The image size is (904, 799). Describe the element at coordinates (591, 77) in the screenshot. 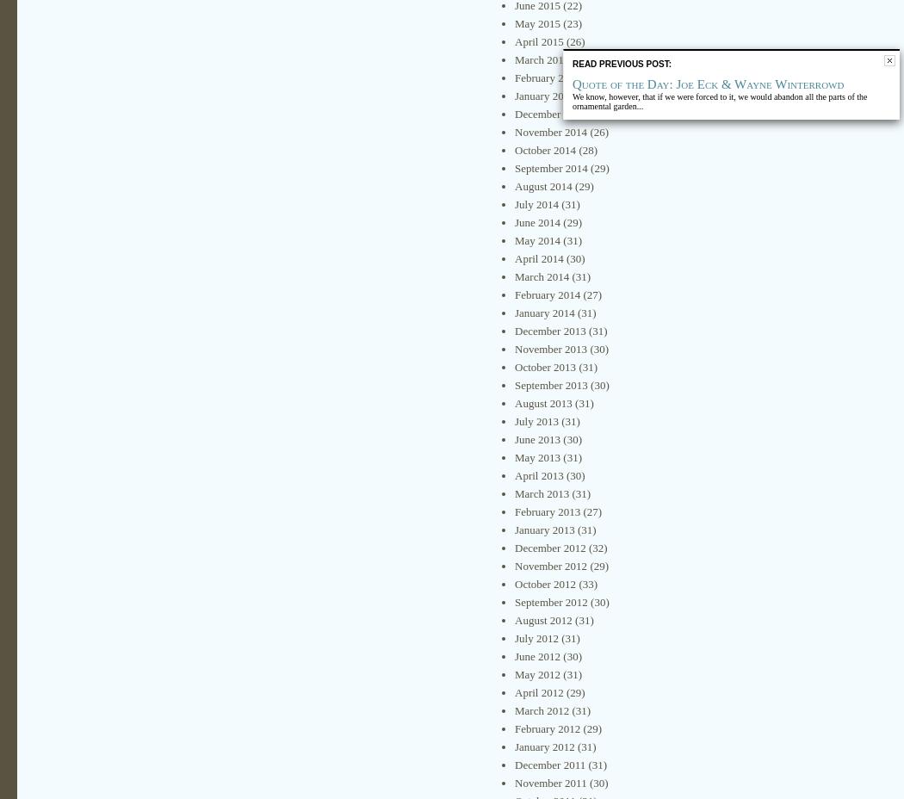

I see `'(22)'` at that location.